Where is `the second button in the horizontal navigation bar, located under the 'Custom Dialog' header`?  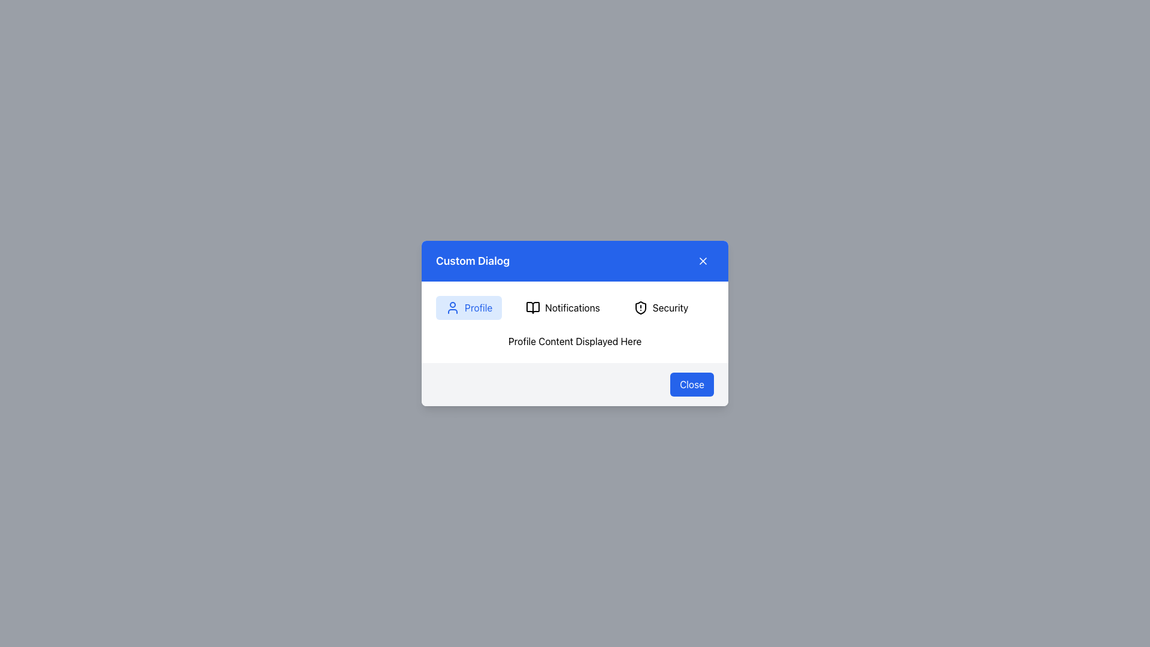
the second button in the horizontal navigation bar, located under the 'Custom Dialog' header is located at coordinates (562, 307).